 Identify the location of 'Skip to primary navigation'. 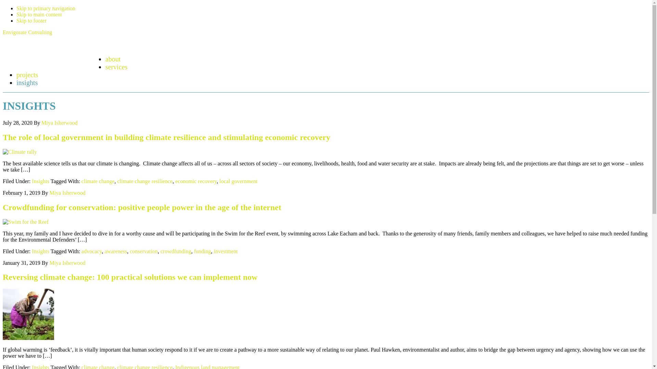
(16, 8).